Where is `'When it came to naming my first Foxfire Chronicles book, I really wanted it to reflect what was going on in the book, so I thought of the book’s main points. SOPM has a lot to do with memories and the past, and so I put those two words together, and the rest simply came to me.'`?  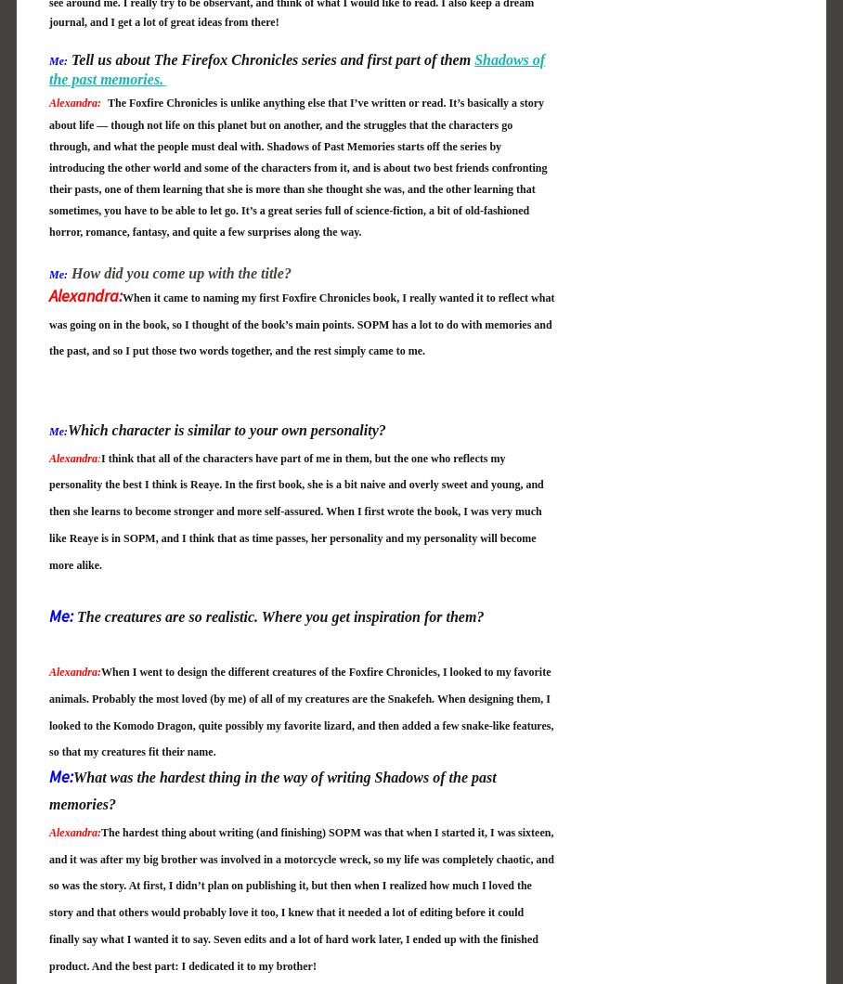
'When it came to naming my first Foxfire Chronicles book, I really wanted it to reflect what was going on in the book, so I thought of the book’s main points. SOPM has a lot to do with memories and the past, and so I put those two words together, and the rest simply came to me.' is located at coordinates (300, 323).